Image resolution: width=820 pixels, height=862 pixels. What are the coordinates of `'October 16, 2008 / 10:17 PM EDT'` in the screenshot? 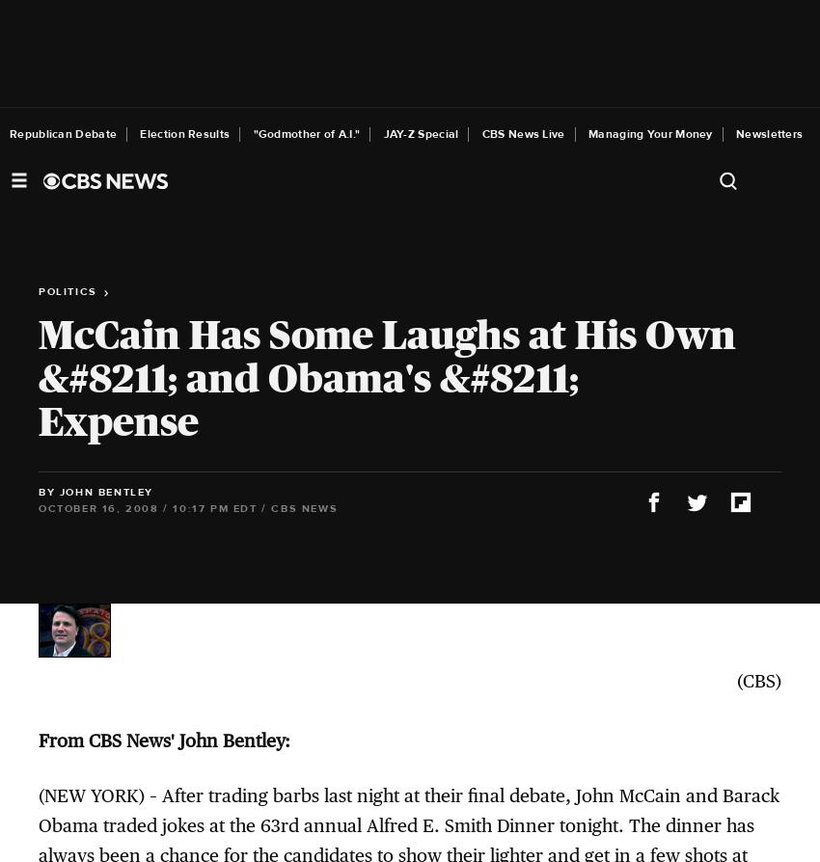 It's located at (148, 508).